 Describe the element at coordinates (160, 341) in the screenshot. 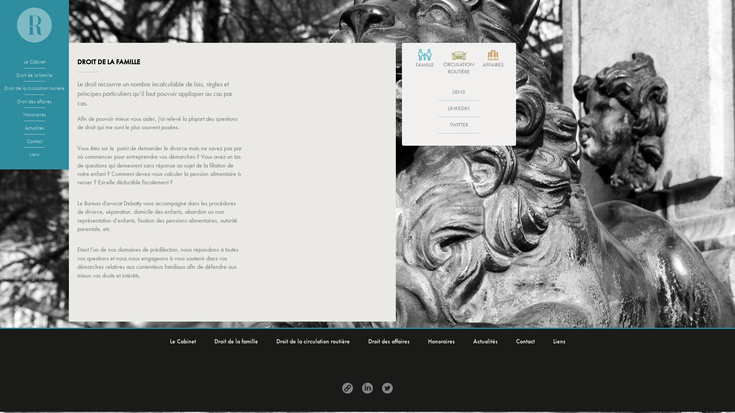

I see `'Le Cabinet'` at that location.